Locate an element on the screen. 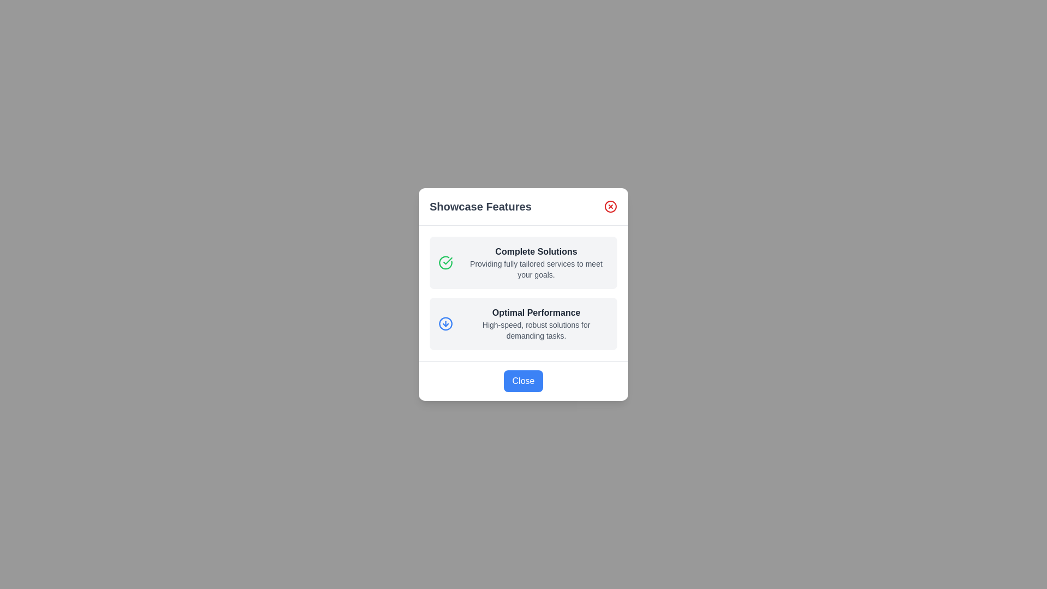 The image size is (1047, 589). the feature item Optimal Performance to highlight it is located at coordinates (523, 323).